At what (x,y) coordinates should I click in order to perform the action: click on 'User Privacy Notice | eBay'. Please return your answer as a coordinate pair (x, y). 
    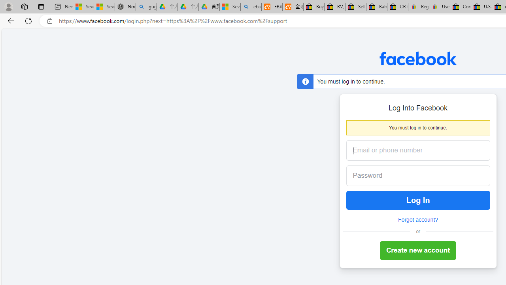
    Looking at the image, I should click on (439, 7).